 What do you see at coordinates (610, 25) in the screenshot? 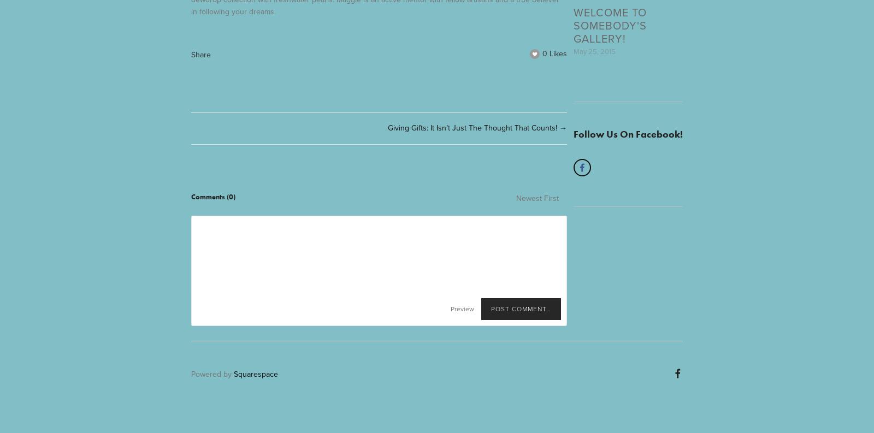
I see `'Welcome to Somebody's Gallery!'` at bounding box center [610, 25].